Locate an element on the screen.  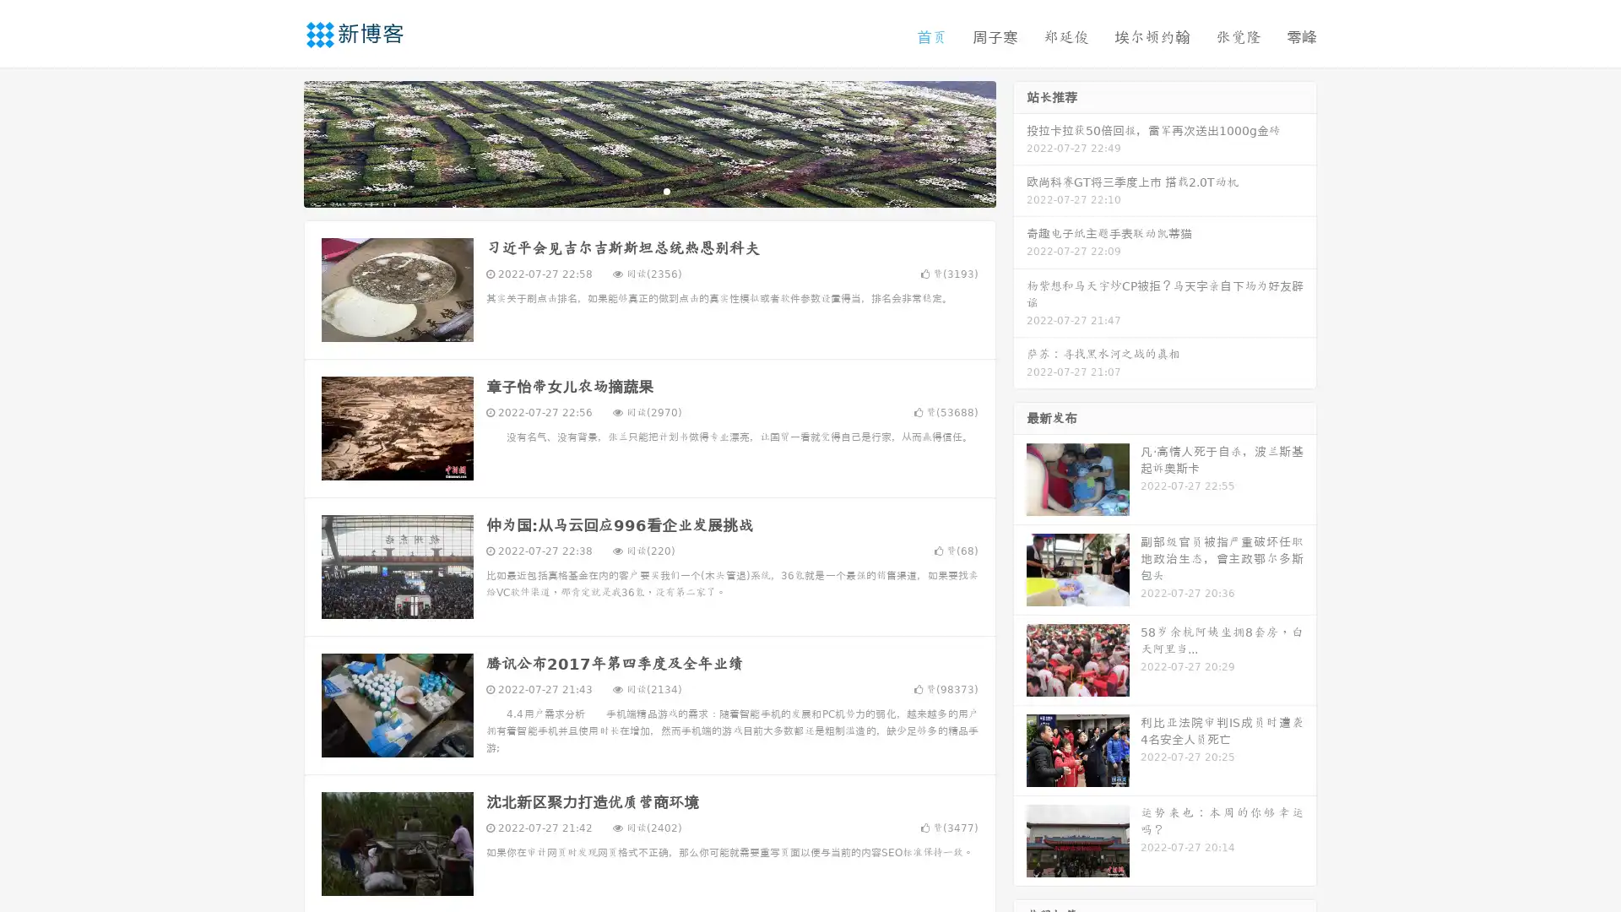
Go to slide 3 is located at coordinates (666, 190).